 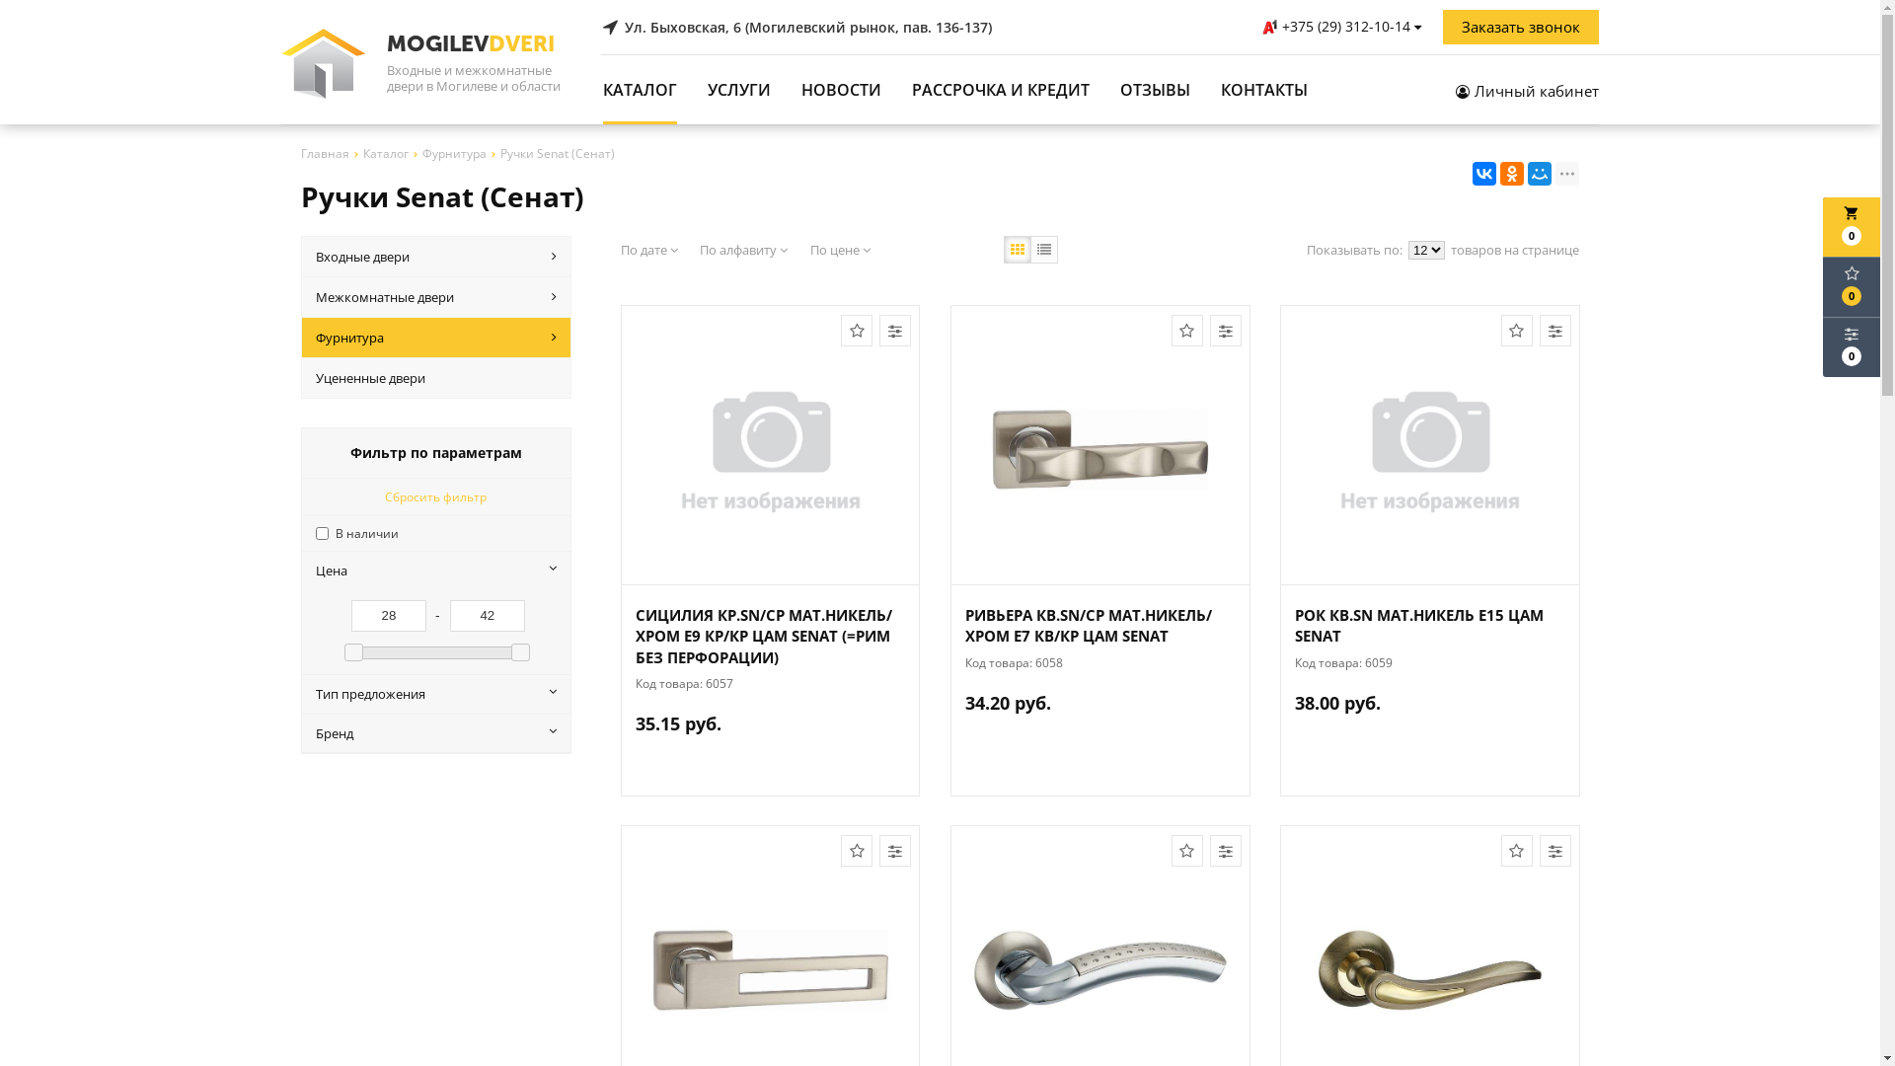 What do you see at coordinates (1851, 345) in the screenshot?
I see `'0'` at bounding box center [1851, 345].